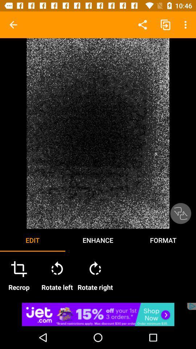  I want to click on share the article, so click(98, 314).